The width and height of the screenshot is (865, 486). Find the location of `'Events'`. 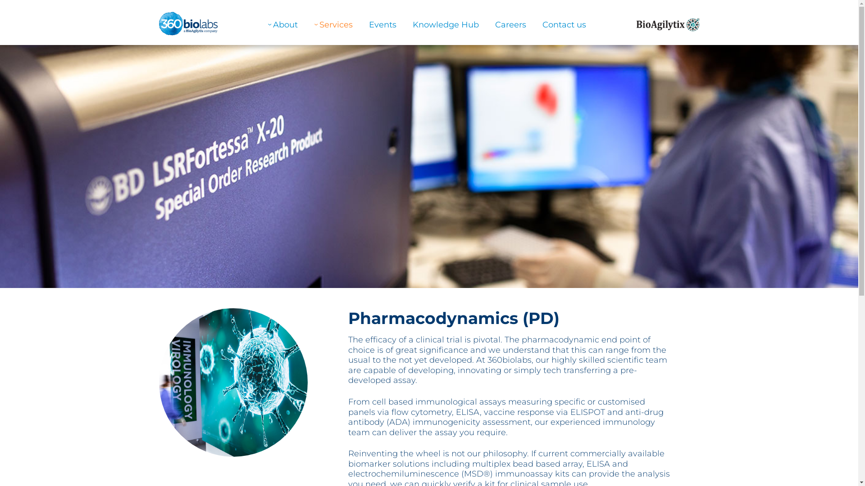

'Events' is located at coordinates (382, 24).